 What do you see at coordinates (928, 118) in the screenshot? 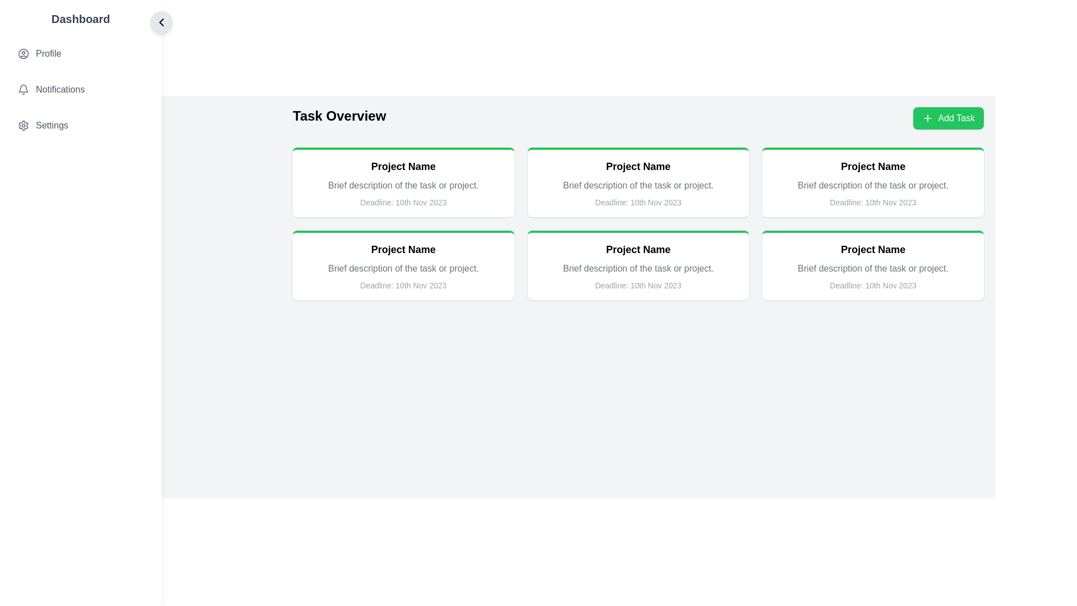
I see `the circular '+' icon located inside the 'Add Task' button at the top-right corner of the interface` at bounding box center [928, 118].